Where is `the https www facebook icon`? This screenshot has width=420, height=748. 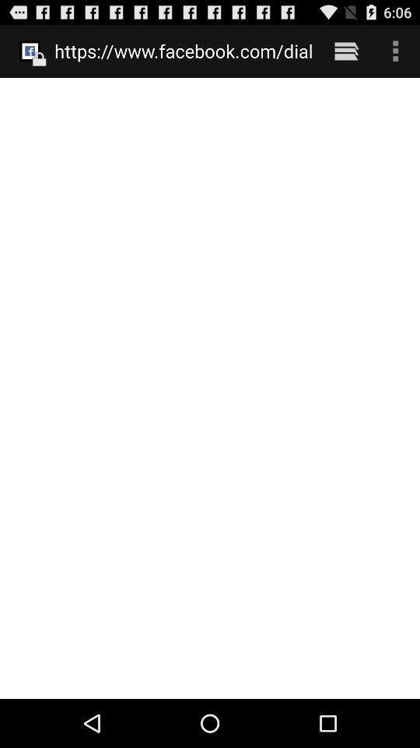
the https www facebook icon is located at coordinates (183, 51).